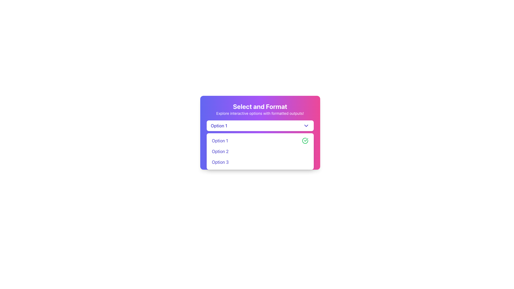 This screenshot has height=289, width=514. What do you see at coordinates (260, 151) in the screenshot?
I see `to select the second option labeled 'Option 2' in the dropdown menu` at bounding box center [260, 151].